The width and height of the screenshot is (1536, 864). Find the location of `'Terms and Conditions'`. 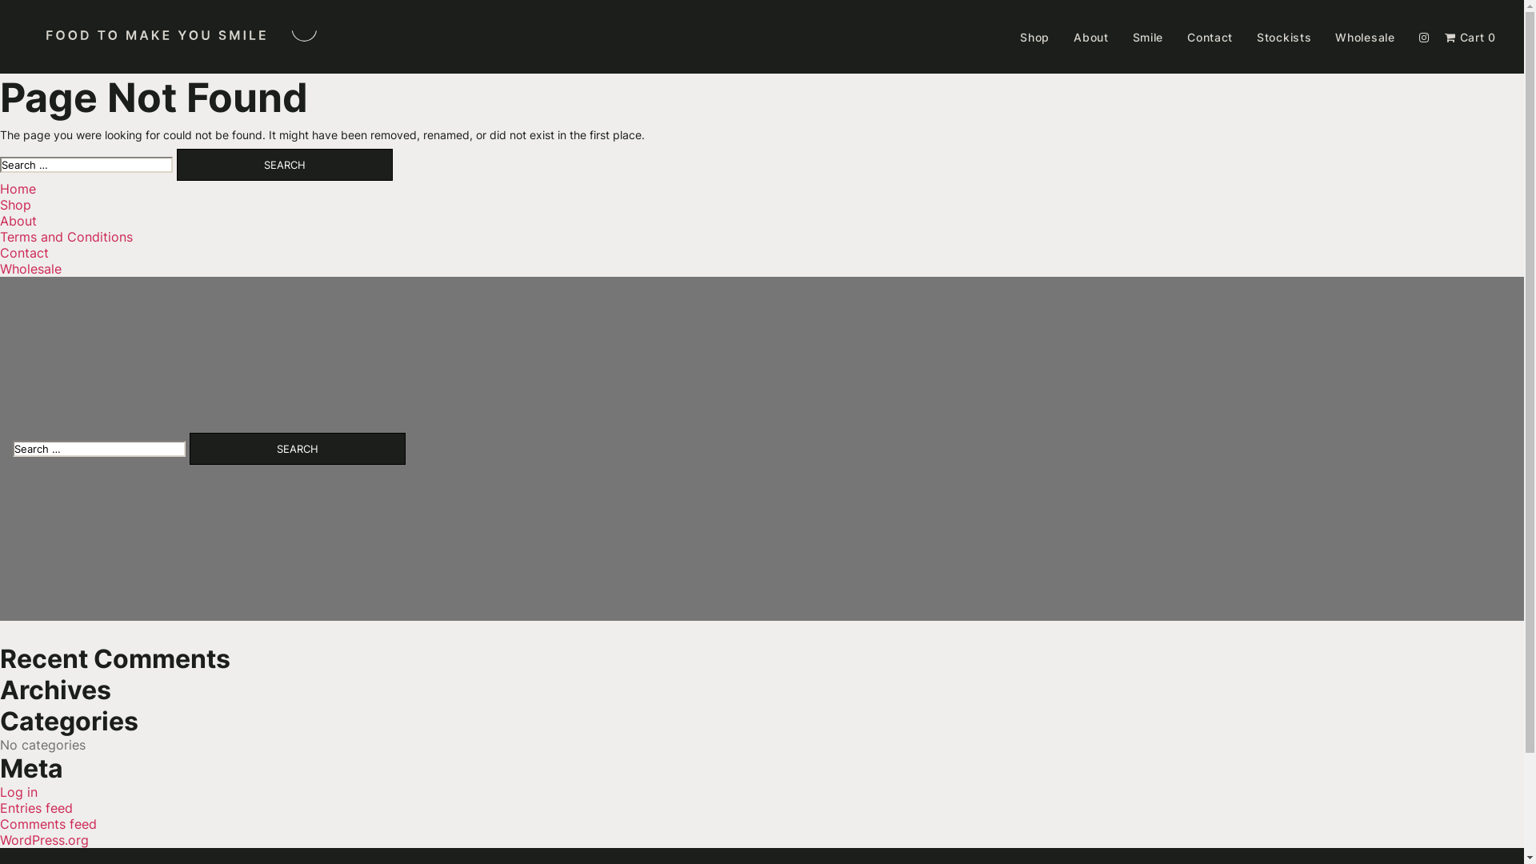

'Terms and Conditions' is located at coordinates (0, 237).